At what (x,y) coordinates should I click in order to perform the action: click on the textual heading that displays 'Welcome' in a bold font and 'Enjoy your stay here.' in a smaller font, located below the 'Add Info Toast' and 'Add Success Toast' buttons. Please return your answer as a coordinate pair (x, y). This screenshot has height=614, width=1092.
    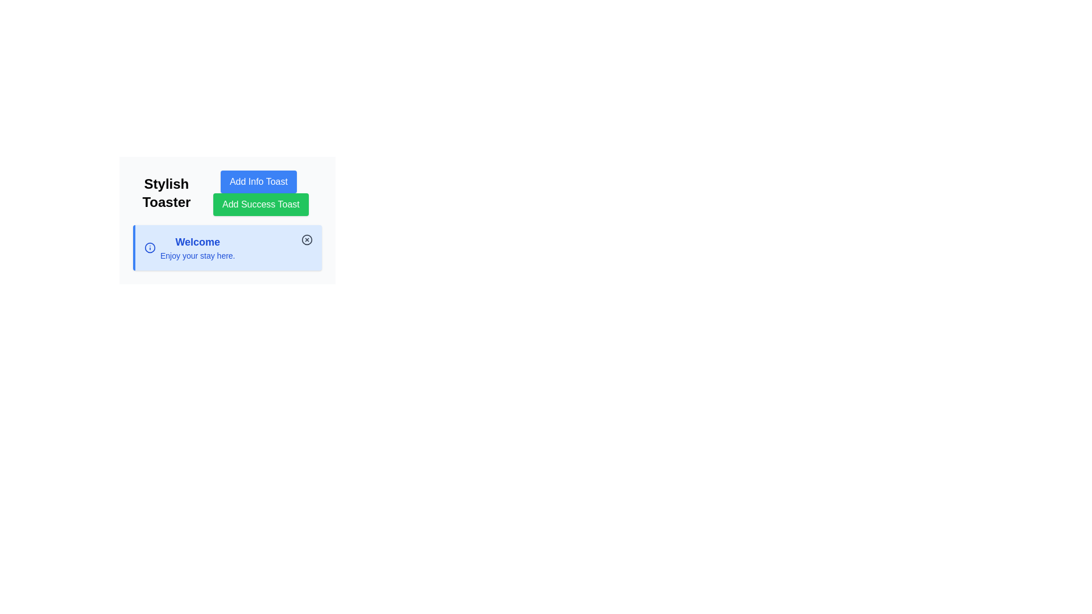
    Looking at the image, I should click on (197, 247).